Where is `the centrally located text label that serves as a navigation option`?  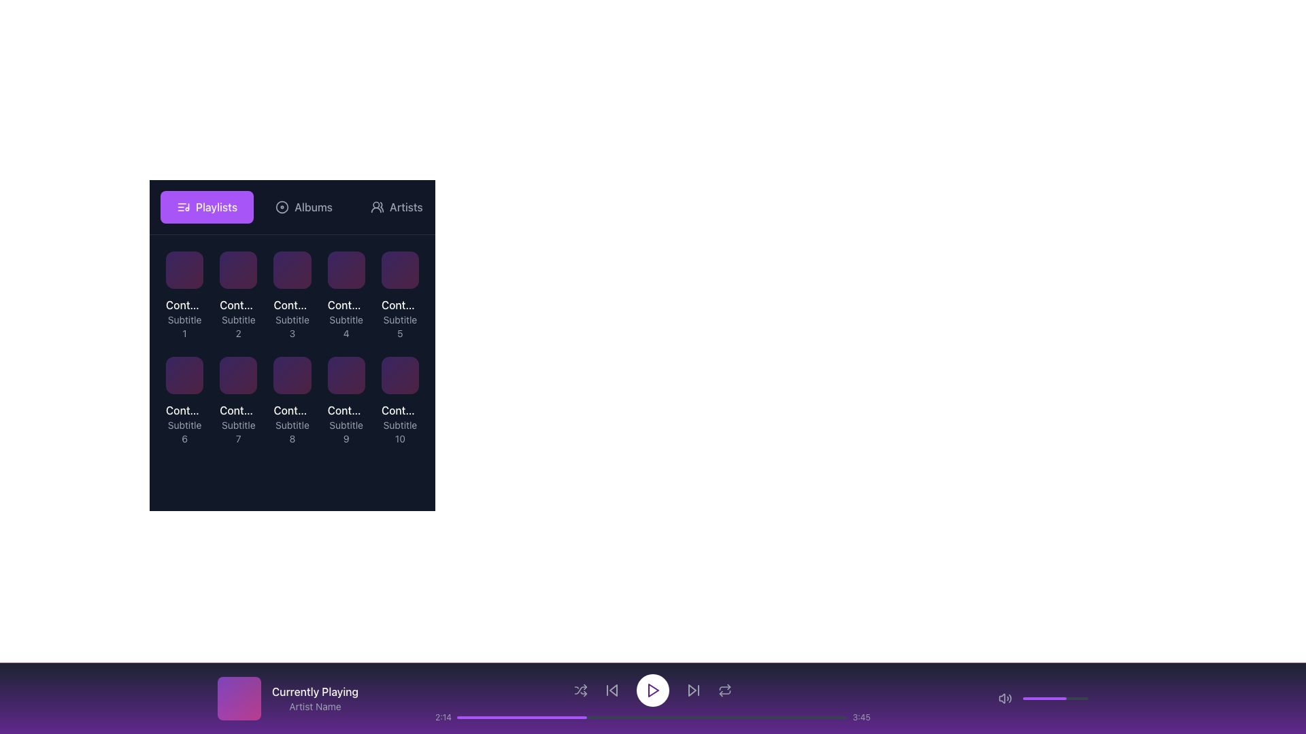
the centrally located text label that serves as a navigation option is located at coordinates (312, 207).